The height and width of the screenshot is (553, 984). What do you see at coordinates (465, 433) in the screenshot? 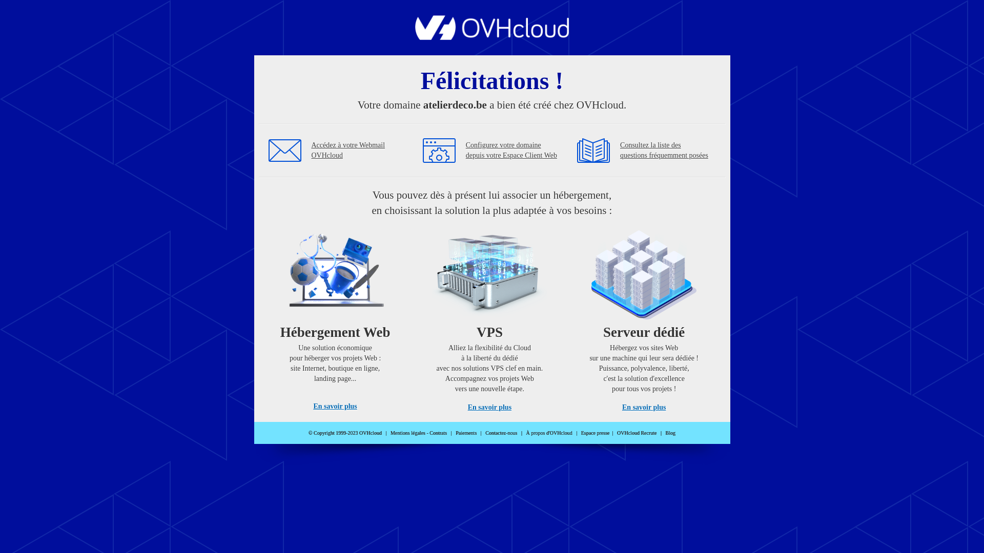
I see `'Paiements'` at bounding box center [465, 433].